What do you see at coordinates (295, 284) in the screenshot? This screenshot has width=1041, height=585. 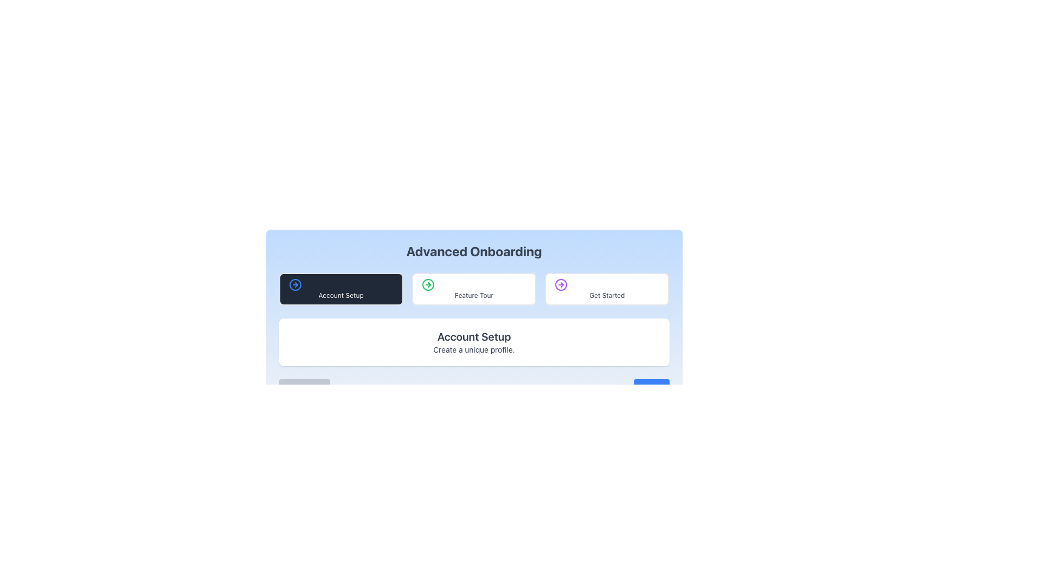 I see `the Circle graphic that represents a navigation step in the center-left section of the navigation bar` at bounding box center [295, 284].